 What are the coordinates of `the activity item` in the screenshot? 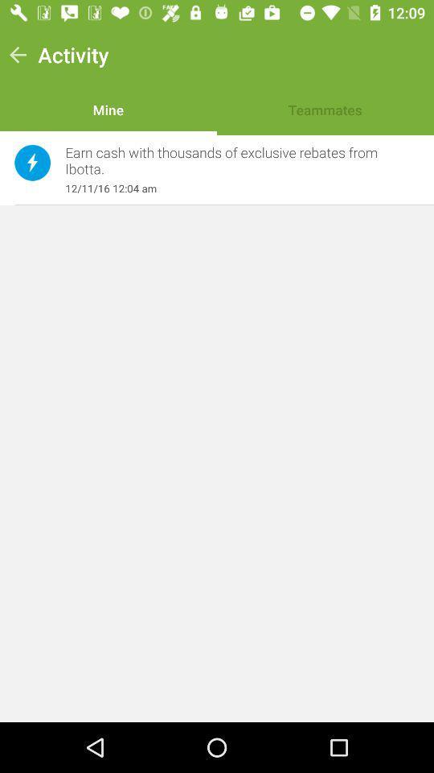 It's located at (72, 55).